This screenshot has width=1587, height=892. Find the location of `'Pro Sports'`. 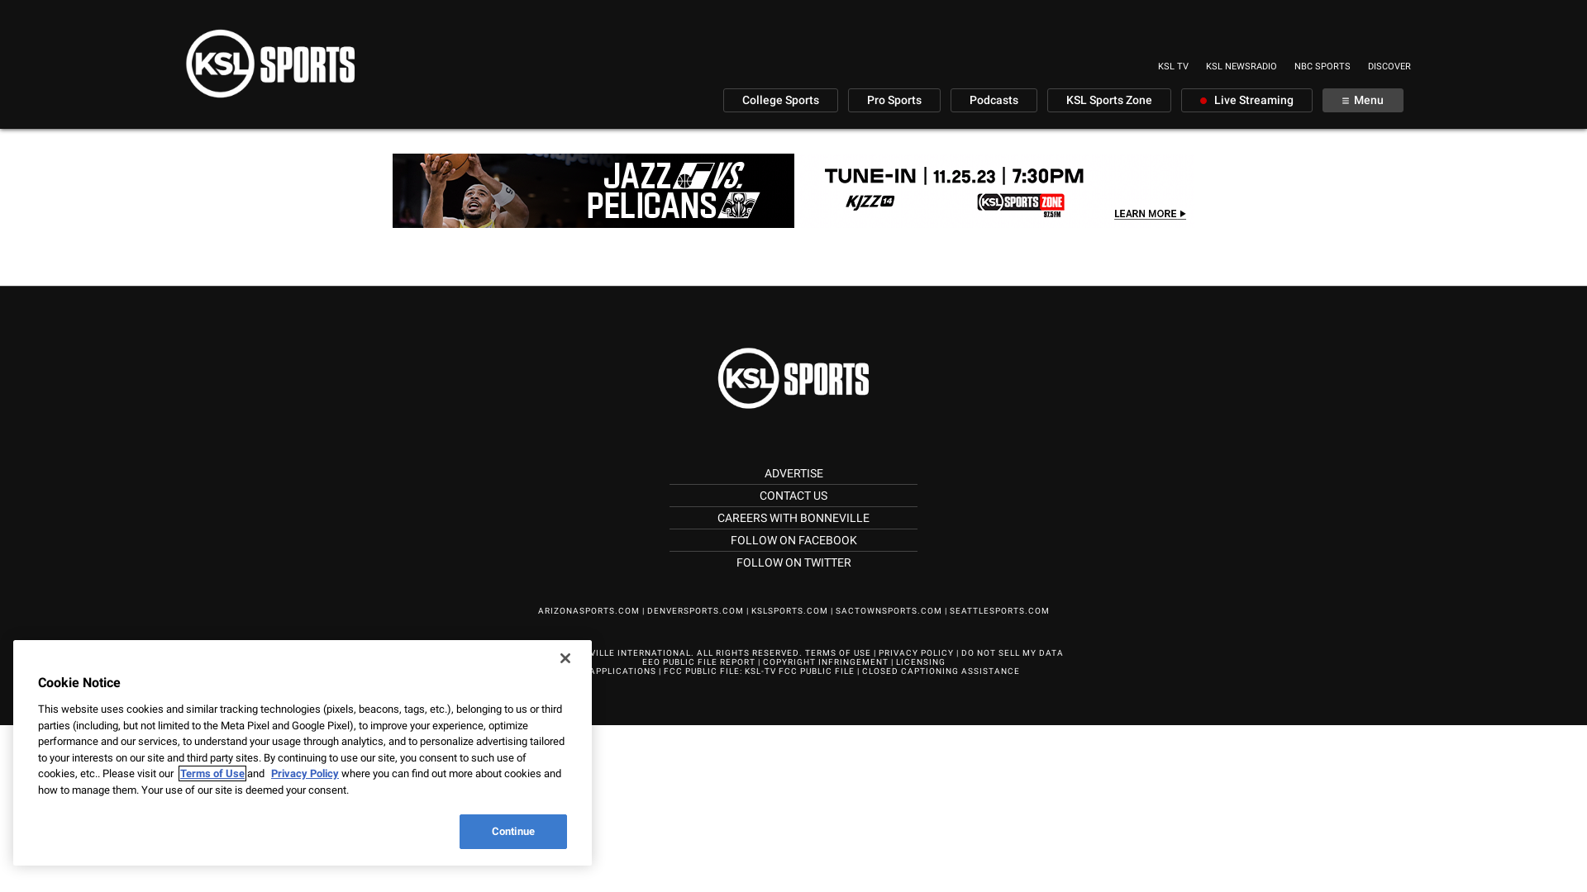

'Pro Sports' is located at coordinates (848, 100).